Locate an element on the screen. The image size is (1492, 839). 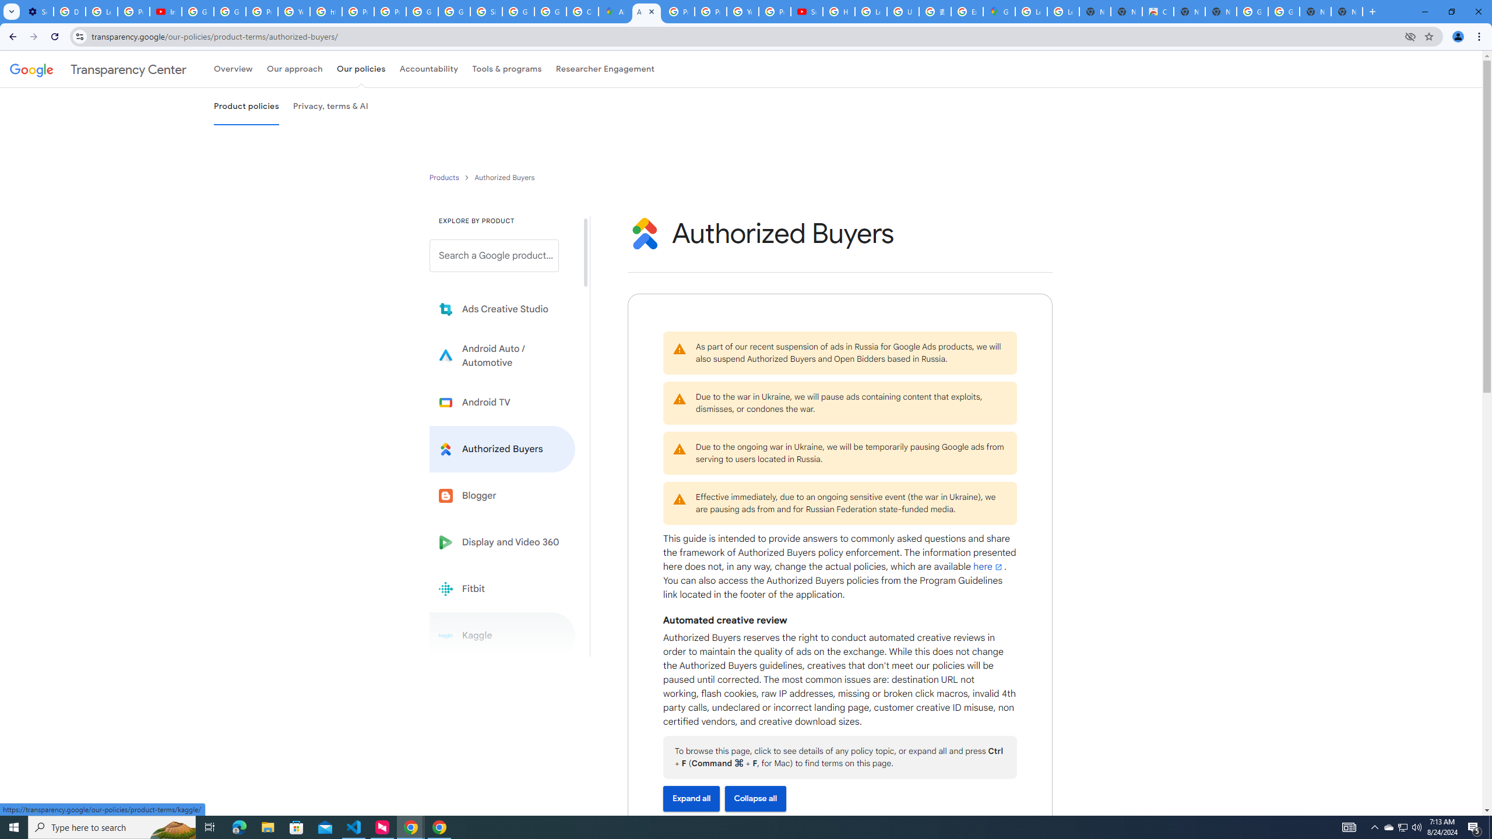
'Google Account Help' is located at coordinates (230, 11).